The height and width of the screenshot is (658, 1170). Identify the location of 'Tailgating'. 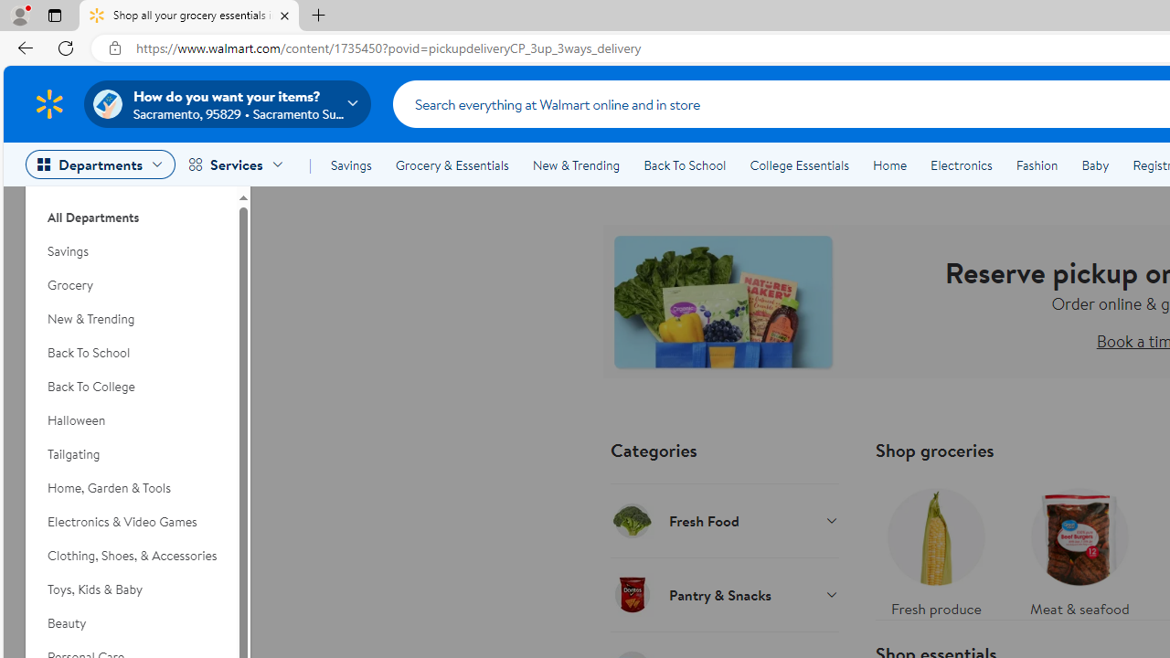
(130, 453).